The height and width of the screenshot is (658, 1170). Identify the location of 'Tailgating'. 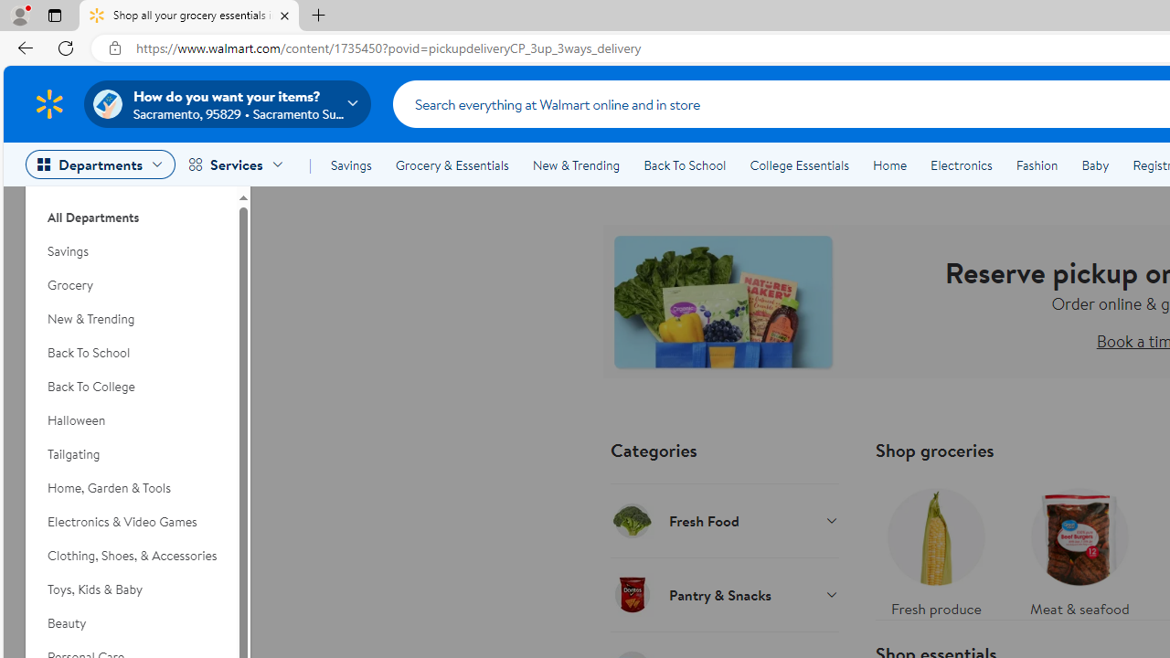
(130, 453).